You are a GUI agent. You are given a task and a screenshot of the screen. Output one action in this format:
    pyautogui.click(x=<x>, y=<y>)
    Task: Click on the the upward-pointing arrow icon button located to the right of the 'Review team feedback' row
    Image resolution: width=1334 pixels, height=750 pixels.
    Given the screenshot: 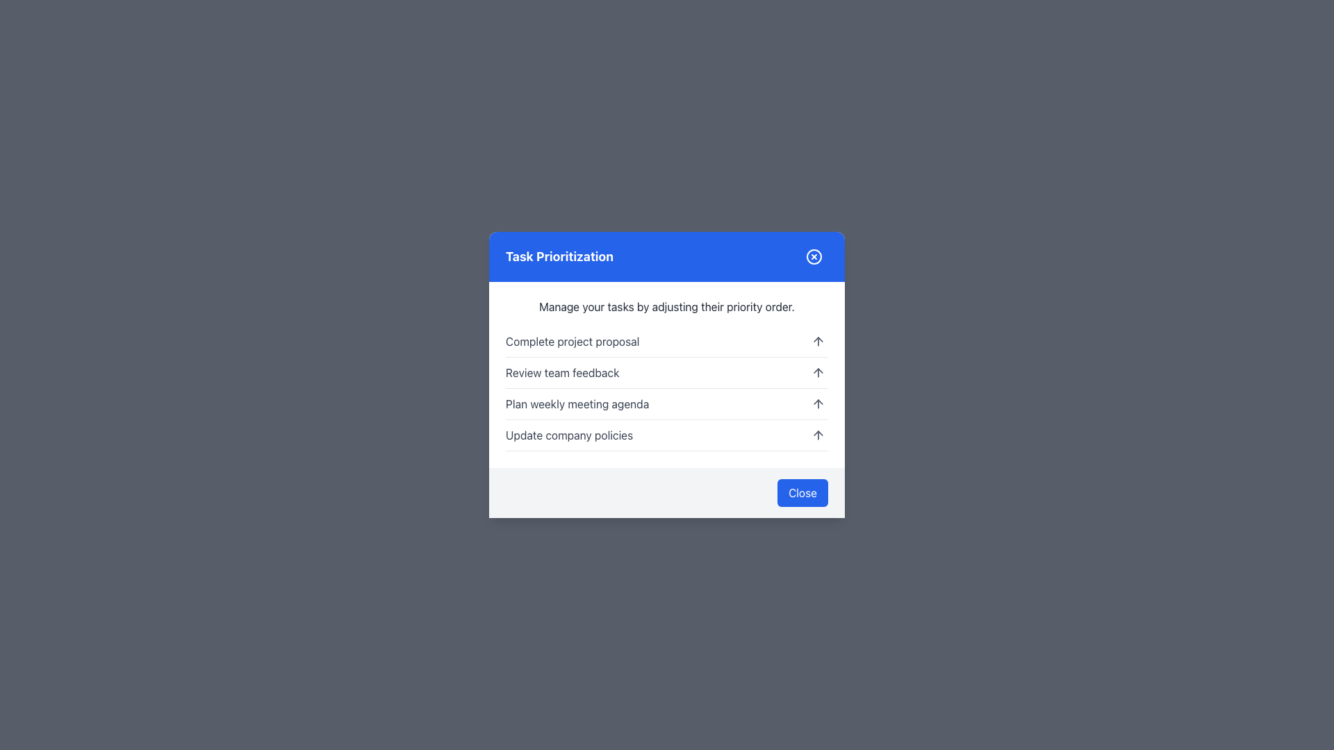 What is the action you would take?
    pyautogui.click(x=818, y=372)
    